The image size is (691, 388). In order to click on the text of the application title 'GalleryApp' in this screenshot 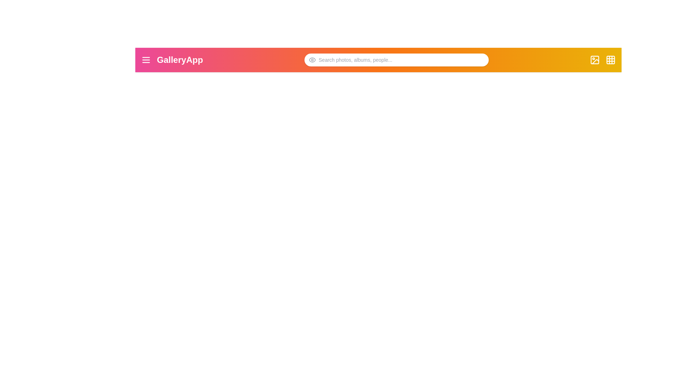, I will do `click(180, 59)`.